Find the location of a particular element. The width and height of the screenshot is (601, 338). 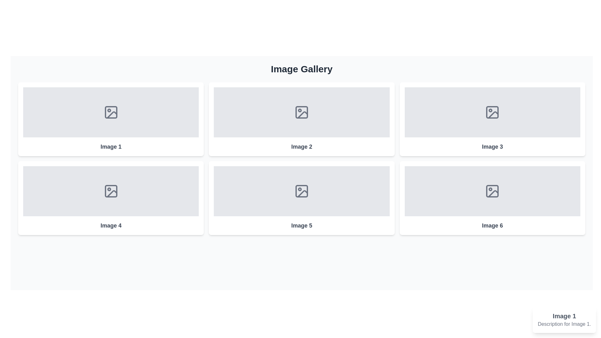

the text label displaying 'Image 3' in a large, bold gray font located in the third position of a six-element grid is located at coordinates (492, 147).